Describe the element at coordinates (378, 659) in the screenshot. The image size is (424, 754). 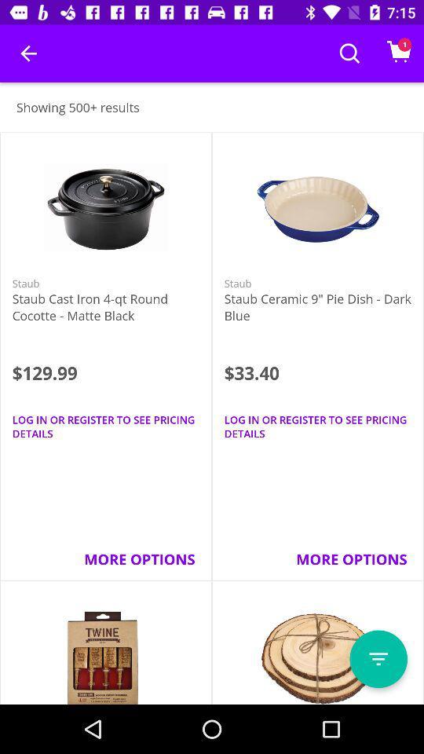
I see `item below more options` at that location.